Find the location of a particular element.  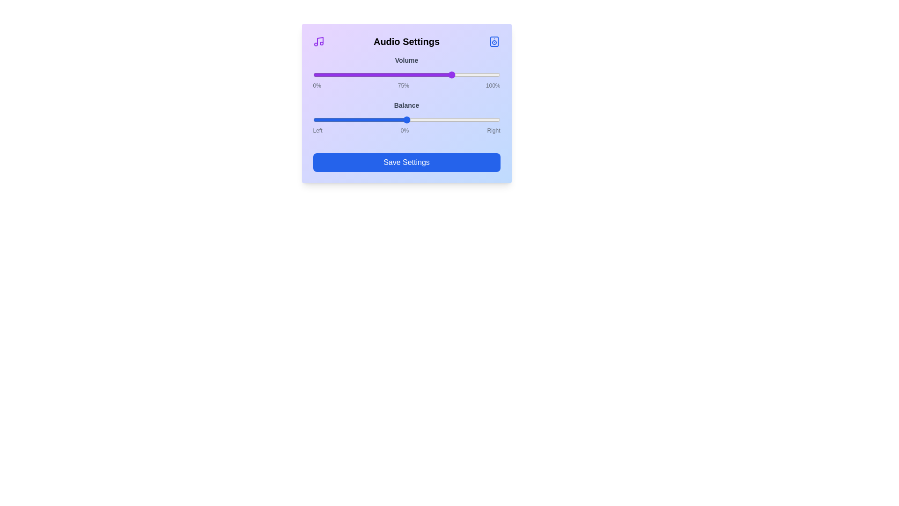

the balance slider to -25 is located at coordinates (383, 119).